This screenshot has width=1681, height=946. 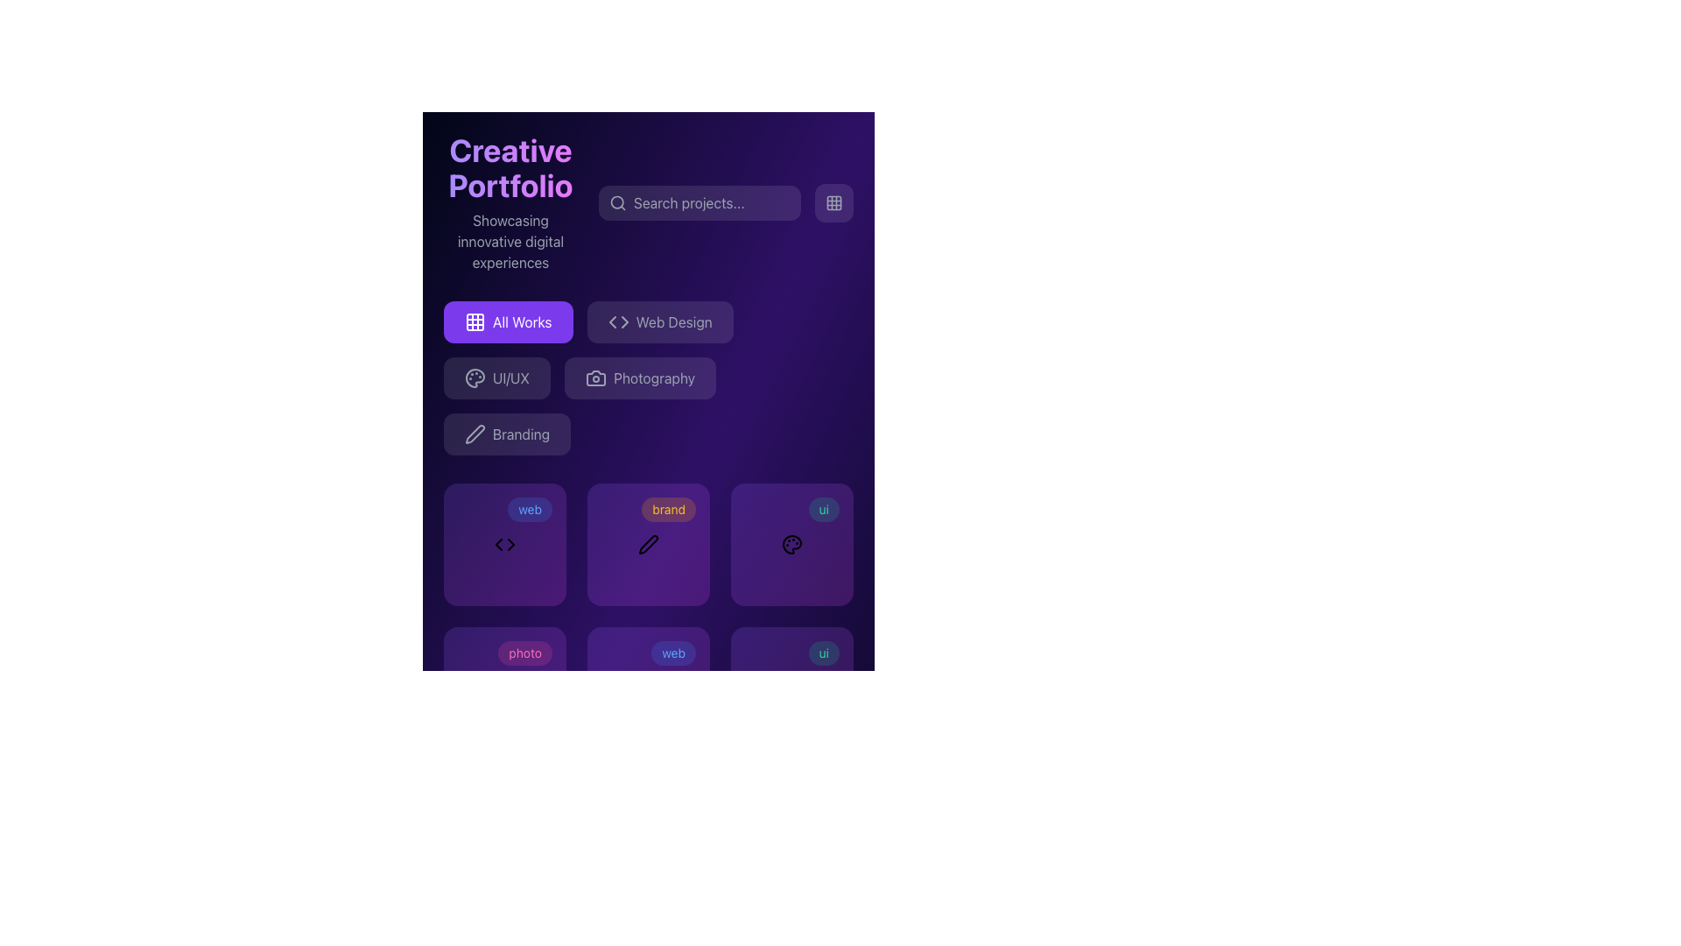 I want to click on the number displayed in the text label showing '187', which is located towards the bottom middle of the interface next to a heart icon, so click(x=639, y=723).